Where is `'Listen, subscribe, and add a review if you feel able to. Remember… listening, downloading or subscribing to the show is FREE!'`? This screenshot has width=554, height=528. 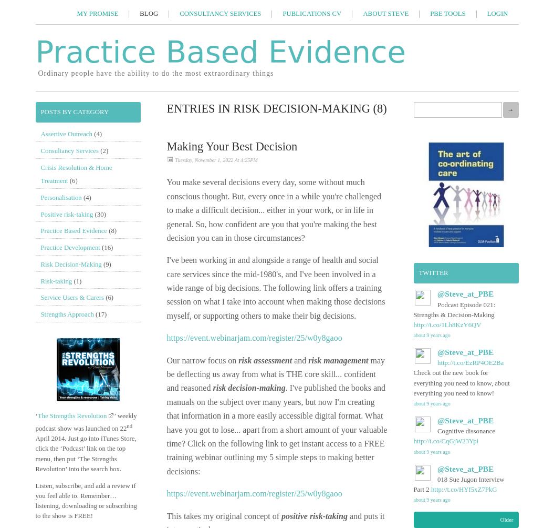 'Listen, subscribe, and add a review if you feel able to. Remember… listening, downloading or subscribing to the show is FREE!' is located at coordinates (86, 500).